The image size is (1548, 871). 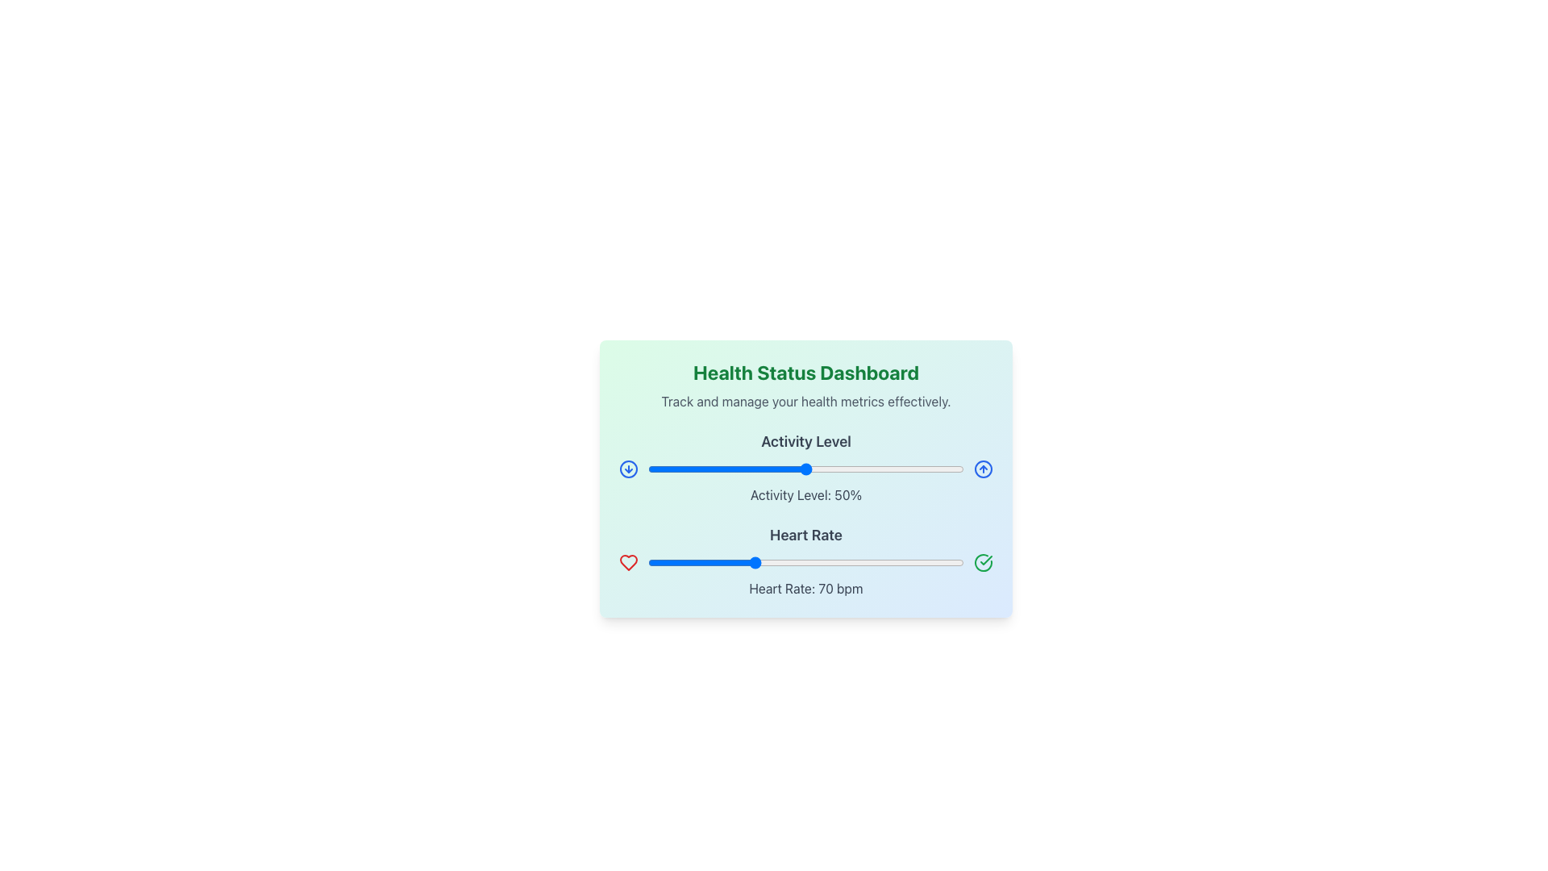 I want to click on the title header of the health metrics dashboard, which is positioned at the top of the card, to provide context to the user about the content below, so click(x=805, y=373).